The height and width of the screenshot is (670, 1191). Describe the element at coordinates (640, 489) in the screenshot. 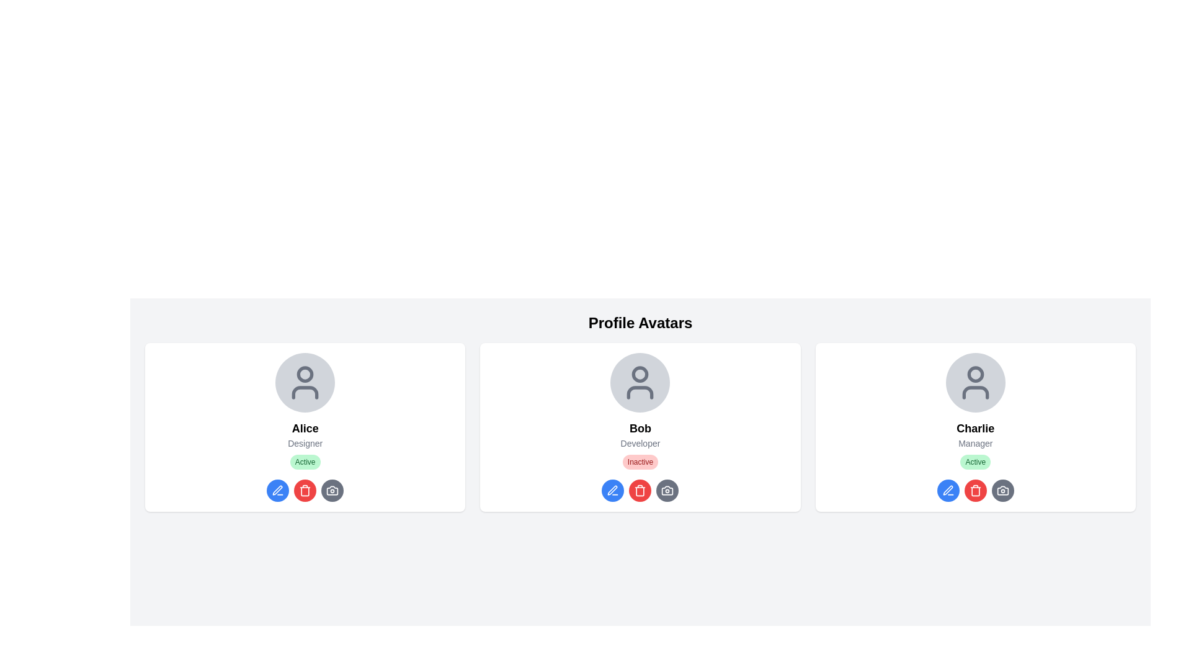

I see `the circular red button with a white trashcan icon located below the 'Bob' card in the 'Profile Avatars' section` at that location.